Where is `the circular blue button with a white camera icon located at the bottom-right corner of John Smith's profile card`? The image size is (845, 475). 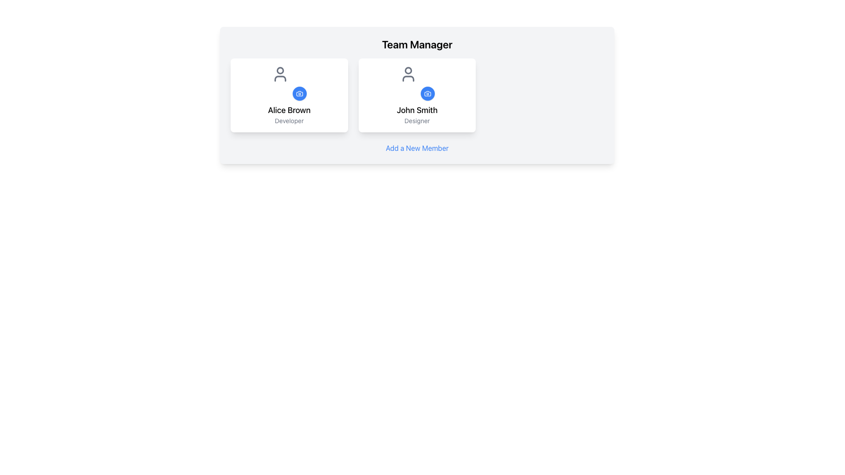 the circular blue button with a white camera icon located at the bottom-right corner of John Smith's profile card is located at coordinates (427, 93).